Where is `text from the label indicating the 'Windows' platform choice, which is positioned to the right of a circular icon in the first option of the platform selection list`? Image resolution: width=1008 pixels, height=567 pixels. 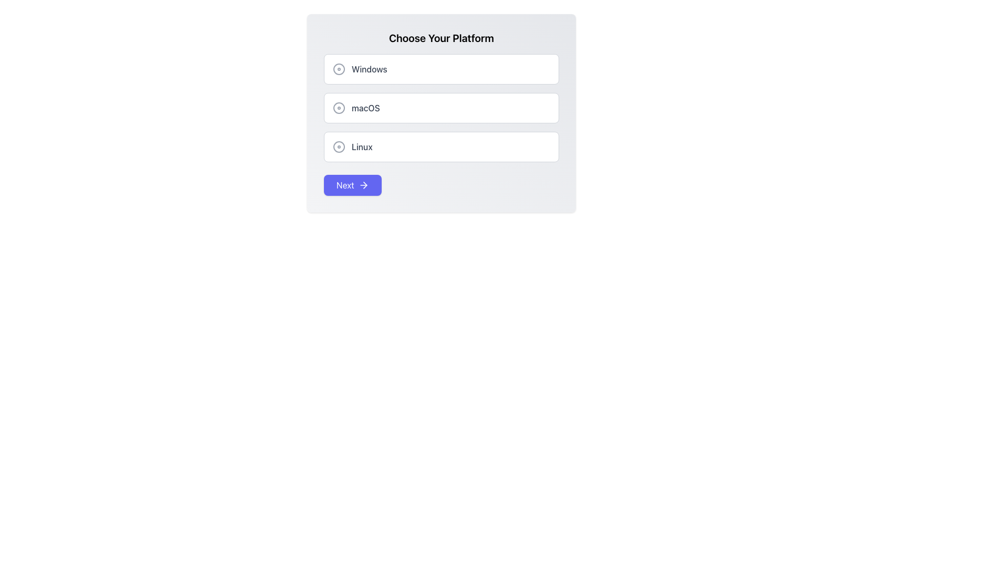 text from the label indicating the 'Windows' platform choice, which is positioned to the right of a circular icon in the first option of the platform selection list is located at coordinates (369, 69).